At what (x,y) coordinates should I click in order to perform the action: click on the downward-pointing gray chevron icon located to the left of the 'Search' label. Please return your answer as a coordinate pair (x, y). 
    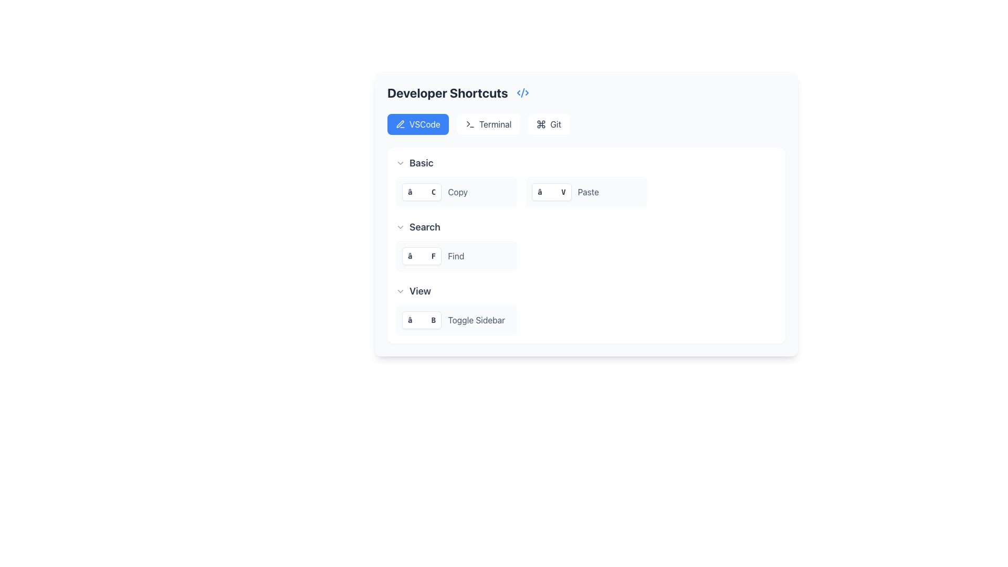
    Looking at the image, I should click on (400, 226).